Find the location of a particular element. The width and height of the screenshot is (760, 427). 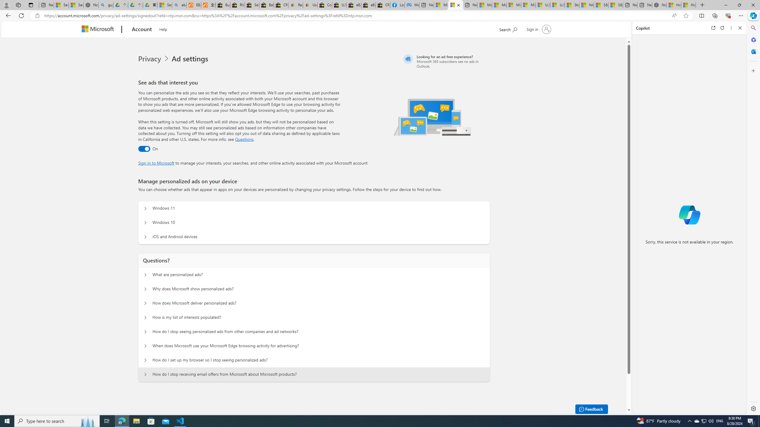

'Settings and more (Alt+F)' is located at coordinates (741, 15).